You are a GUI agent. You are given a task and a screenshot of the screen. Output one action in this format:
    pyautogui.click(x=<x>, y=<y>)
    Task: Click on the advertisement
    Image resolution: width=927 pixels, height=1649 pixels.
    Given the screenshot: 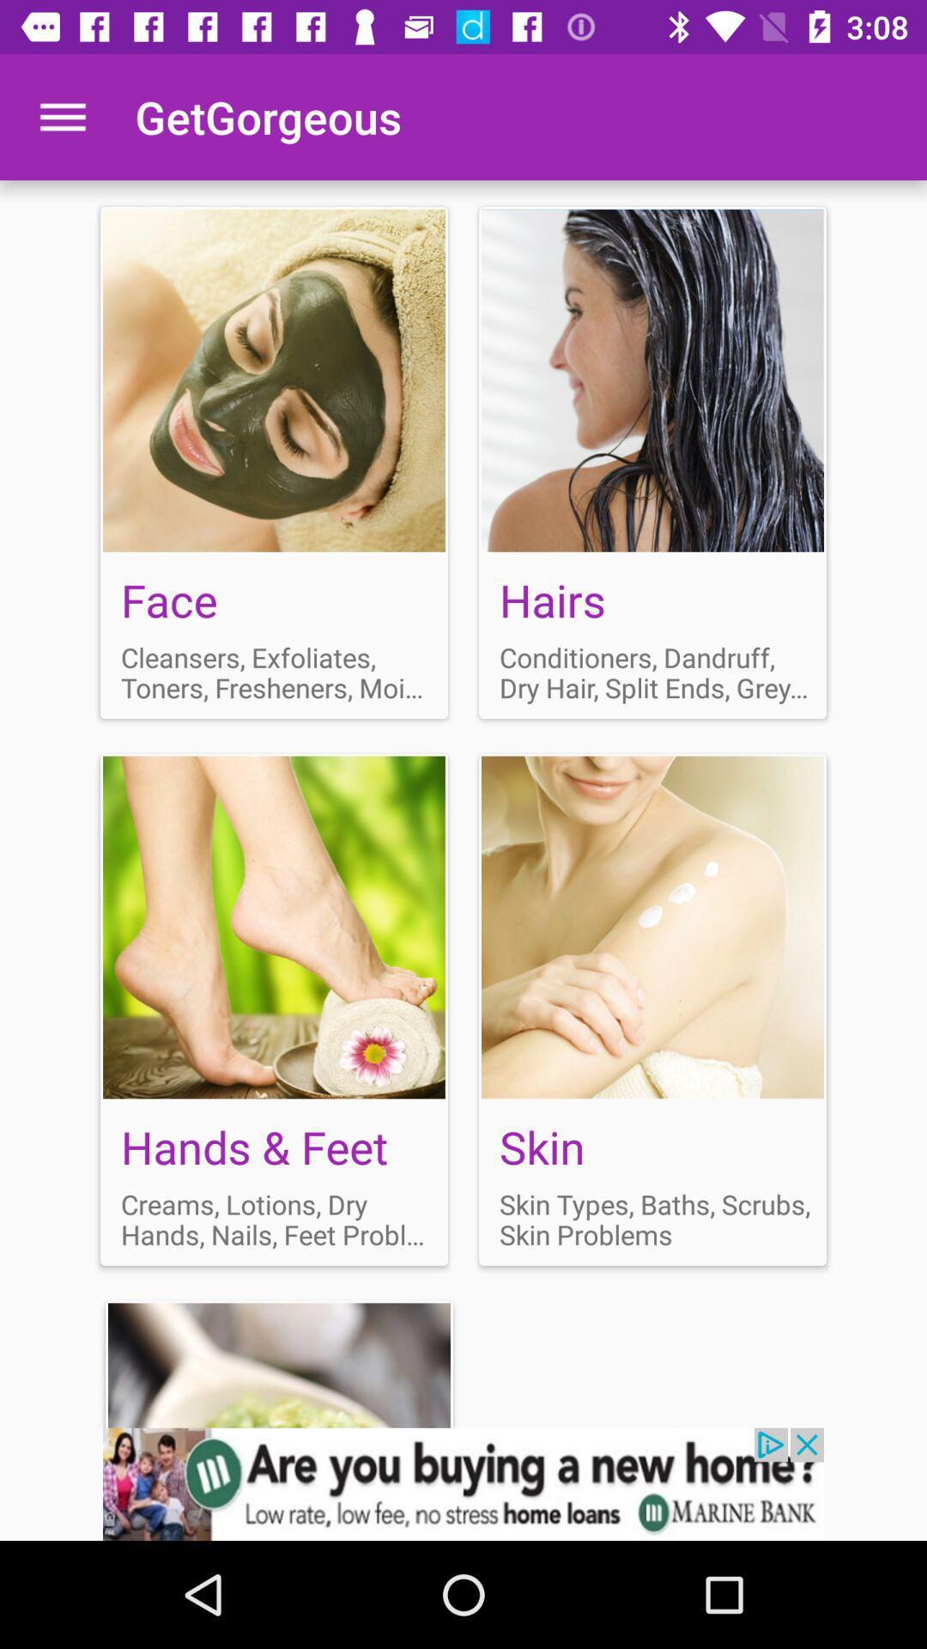 What is the action you would take?
    pyautogui.click(x=273, y=462)
    